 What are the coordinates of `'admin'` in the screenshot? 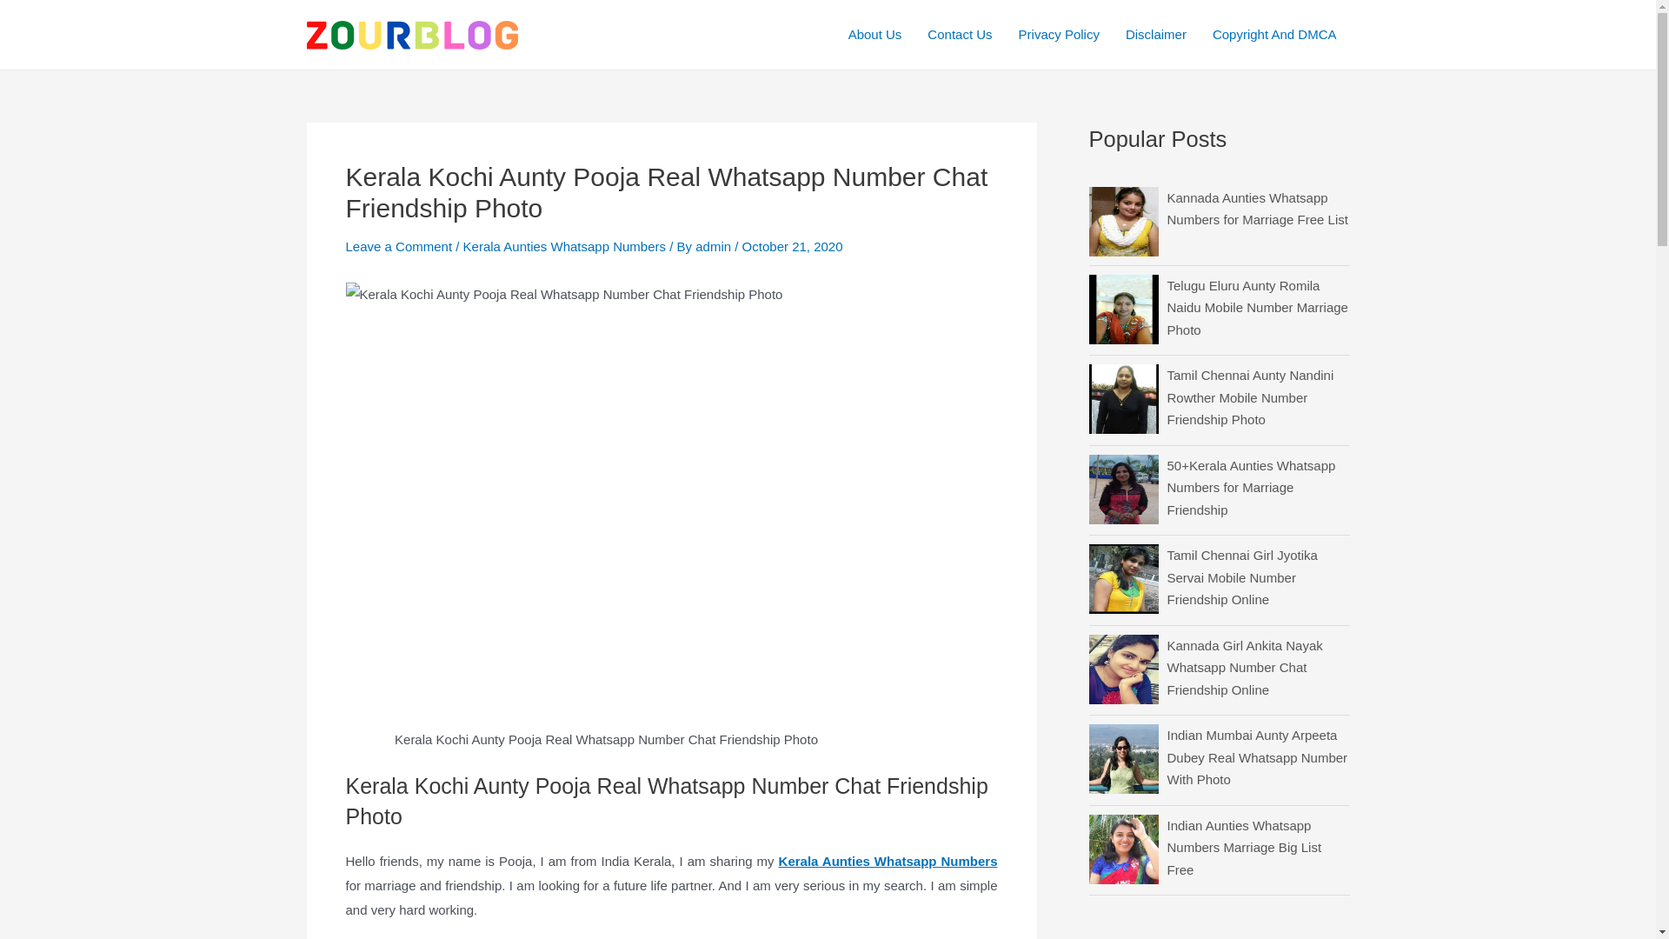 It's located at (715, 246).